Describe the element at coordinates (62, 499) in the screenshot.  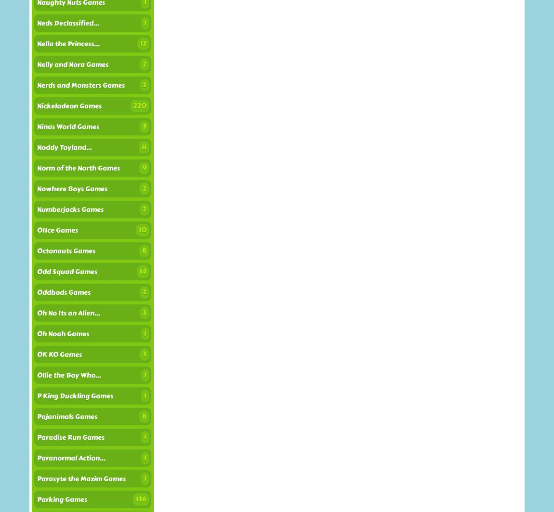
I see `'Parking Games'` at that location.